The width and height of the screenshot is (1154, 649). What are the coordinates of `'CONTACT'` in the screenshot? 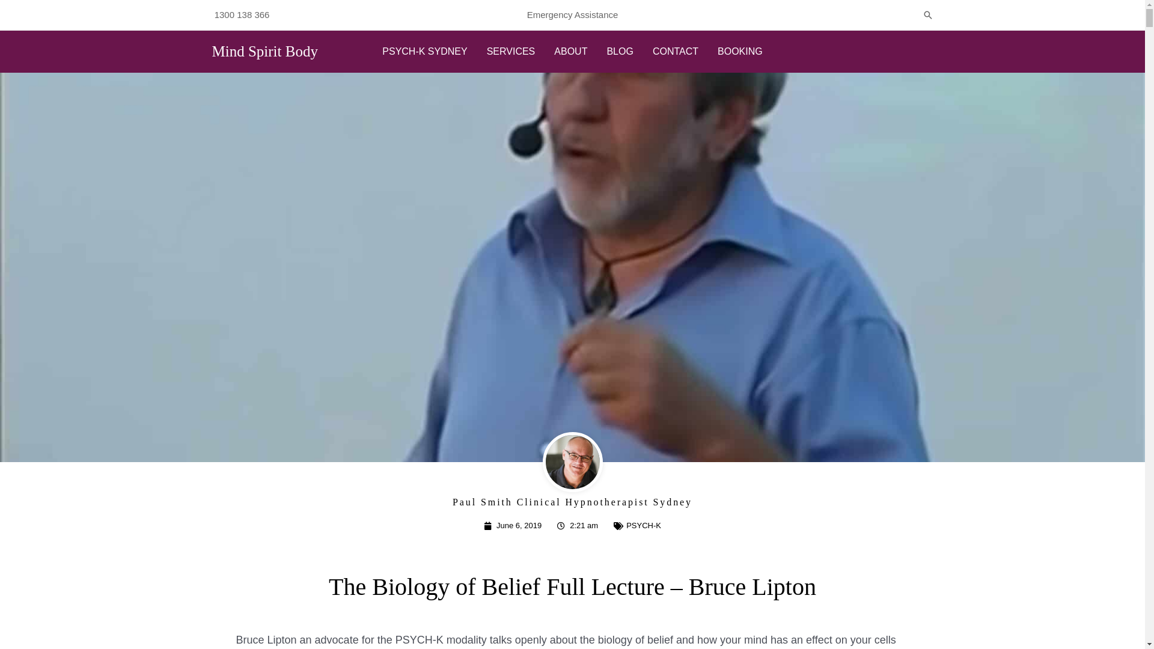 It's located at (675, 50).